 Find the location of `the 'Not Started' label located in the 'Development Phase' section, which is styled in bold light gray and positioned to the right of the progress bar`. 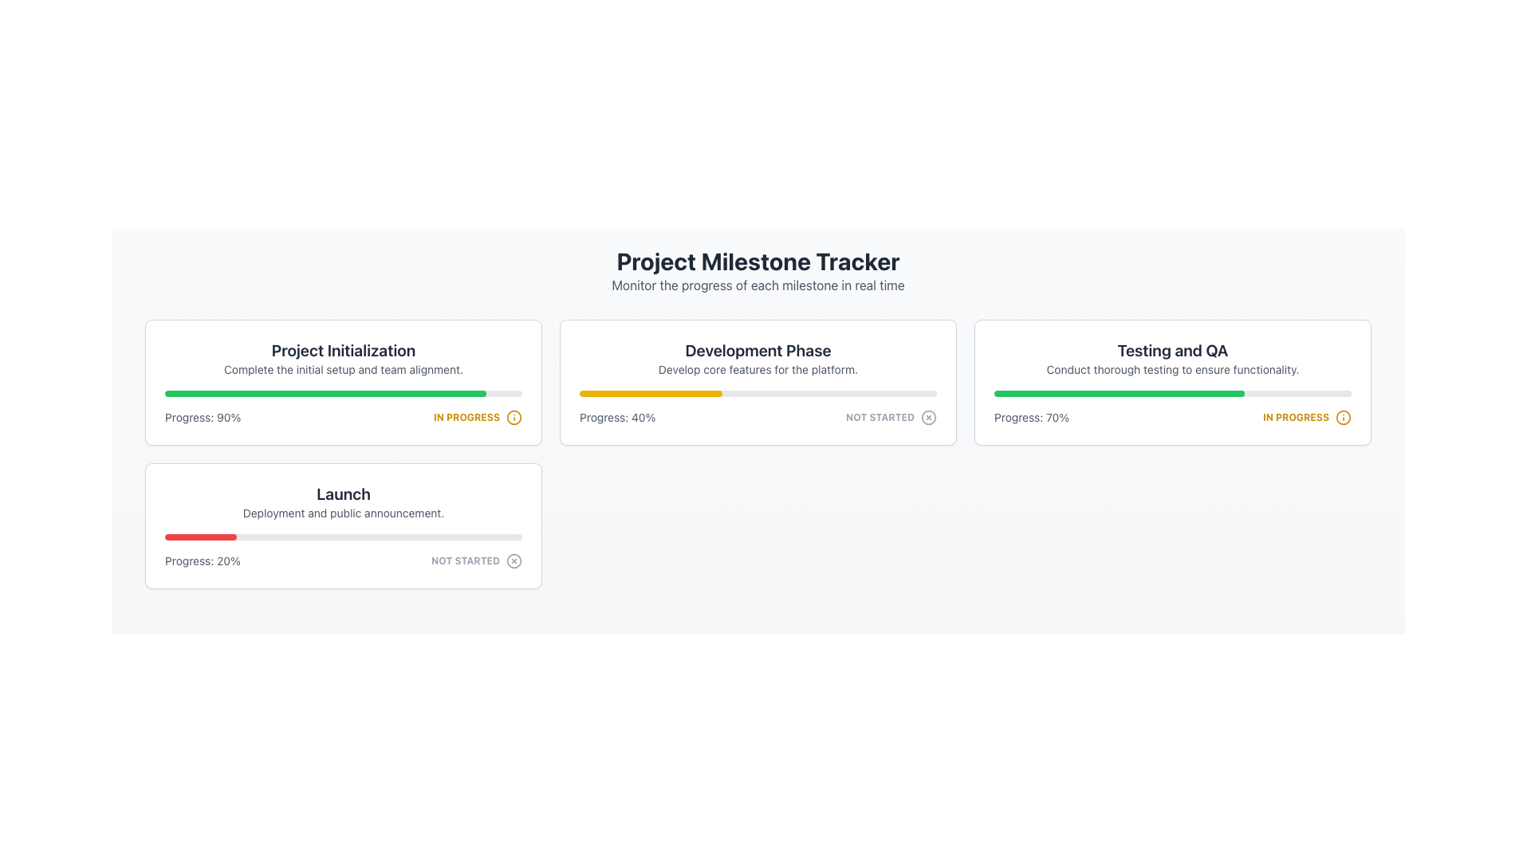

the 'Not Started' label located in the 'Development Phase' section, which is styled in bold light gray and positioned to the right of the progress bar is located at coordinates (880, 417).